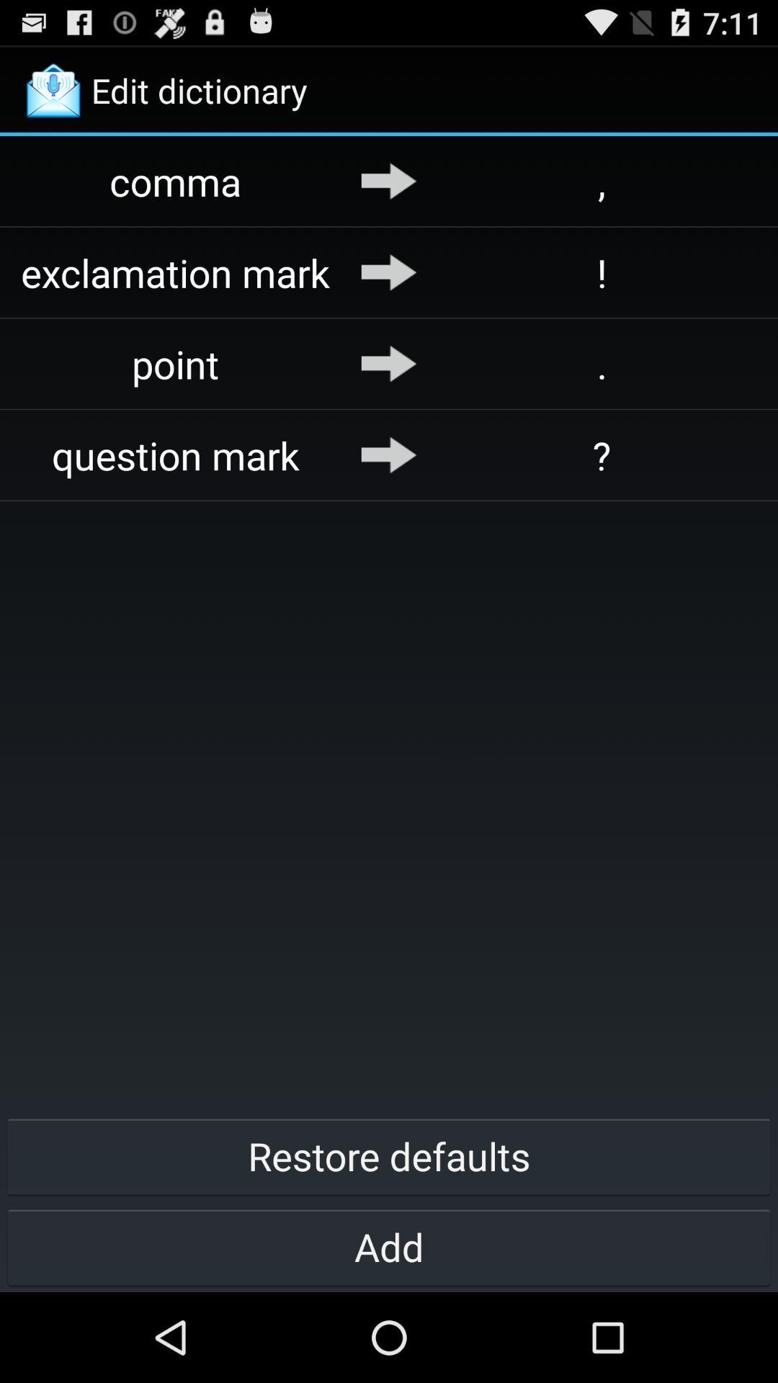  Describe the element at coordinates (602, 180) in the screenshot. I see `the , app` at that location.